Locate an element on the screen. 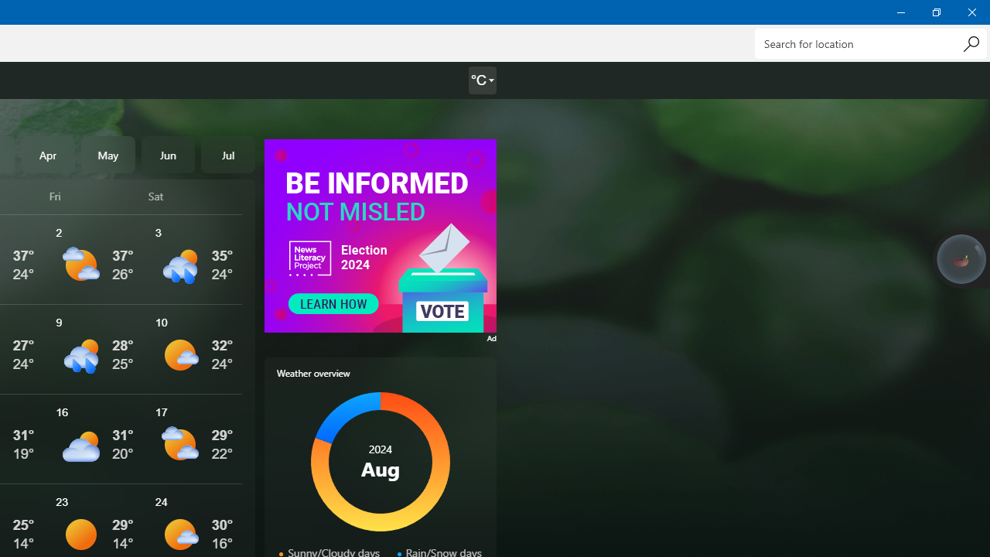 The height and width of the screenshot is (557, 990). 'Restore Weather' is located at coordinates (935, 12).